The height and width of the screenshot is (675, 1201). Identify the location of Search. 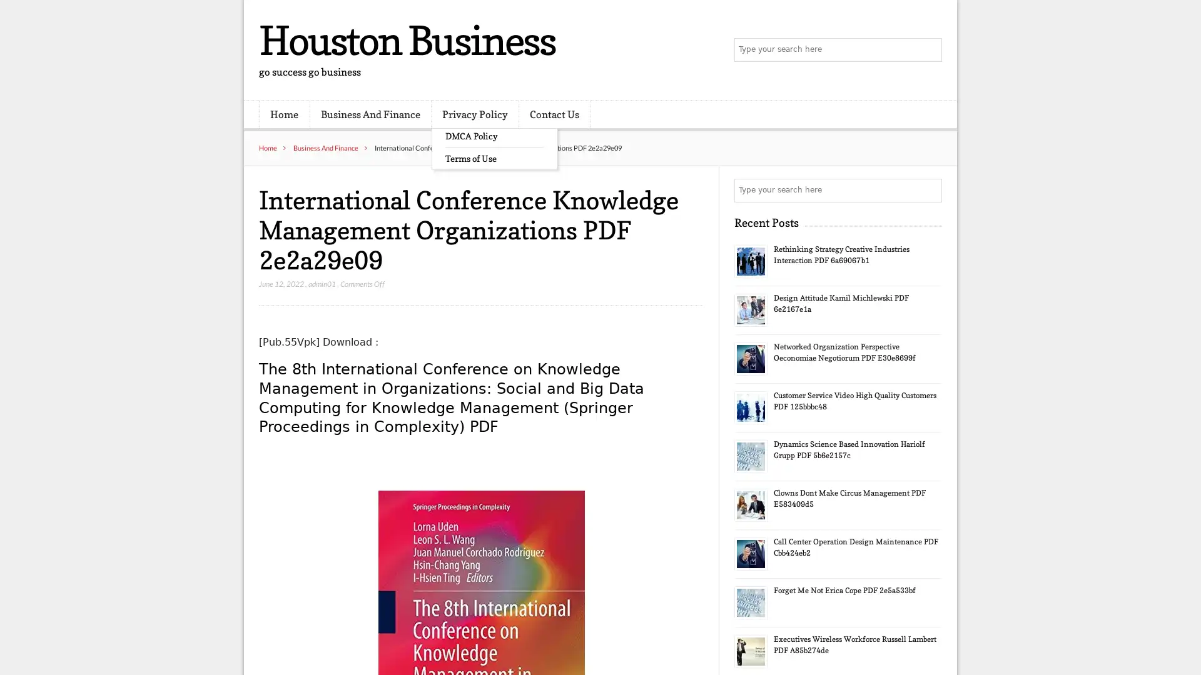
(929, 190).